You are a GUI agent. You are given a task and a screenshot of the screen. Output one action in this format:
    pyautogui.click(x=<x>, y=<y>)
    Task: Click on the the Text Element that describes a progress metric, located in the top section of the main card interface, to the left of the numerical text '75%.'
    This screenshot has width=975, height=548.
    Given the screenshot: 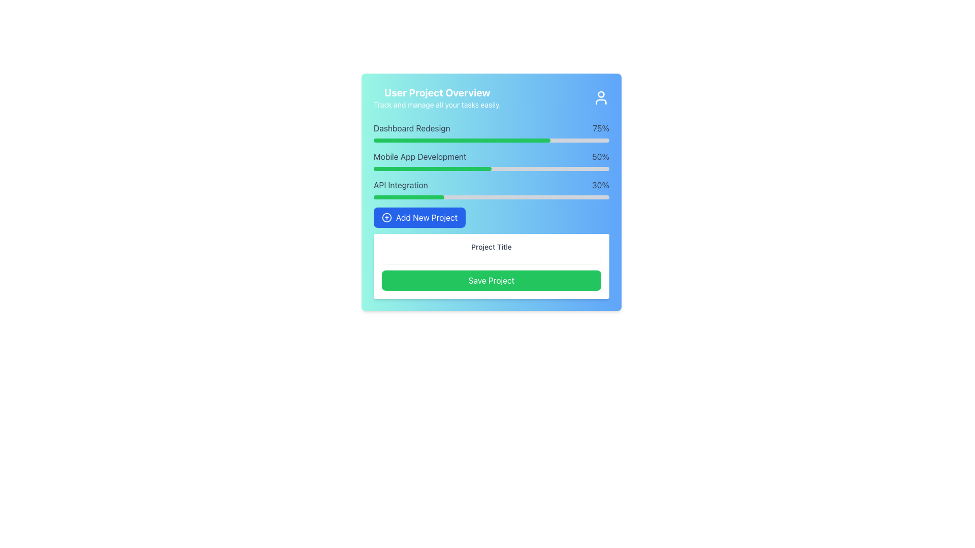 What is the action you would take?
    pyautogui.click(x=412, y=128)
    